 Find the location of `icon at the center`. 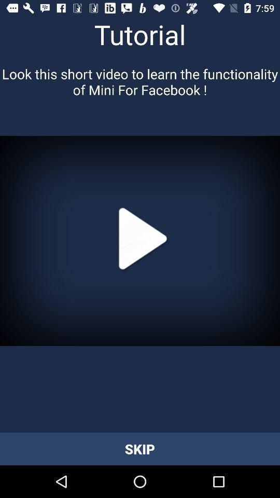

icon at the center is located at coordinates (140, 241).